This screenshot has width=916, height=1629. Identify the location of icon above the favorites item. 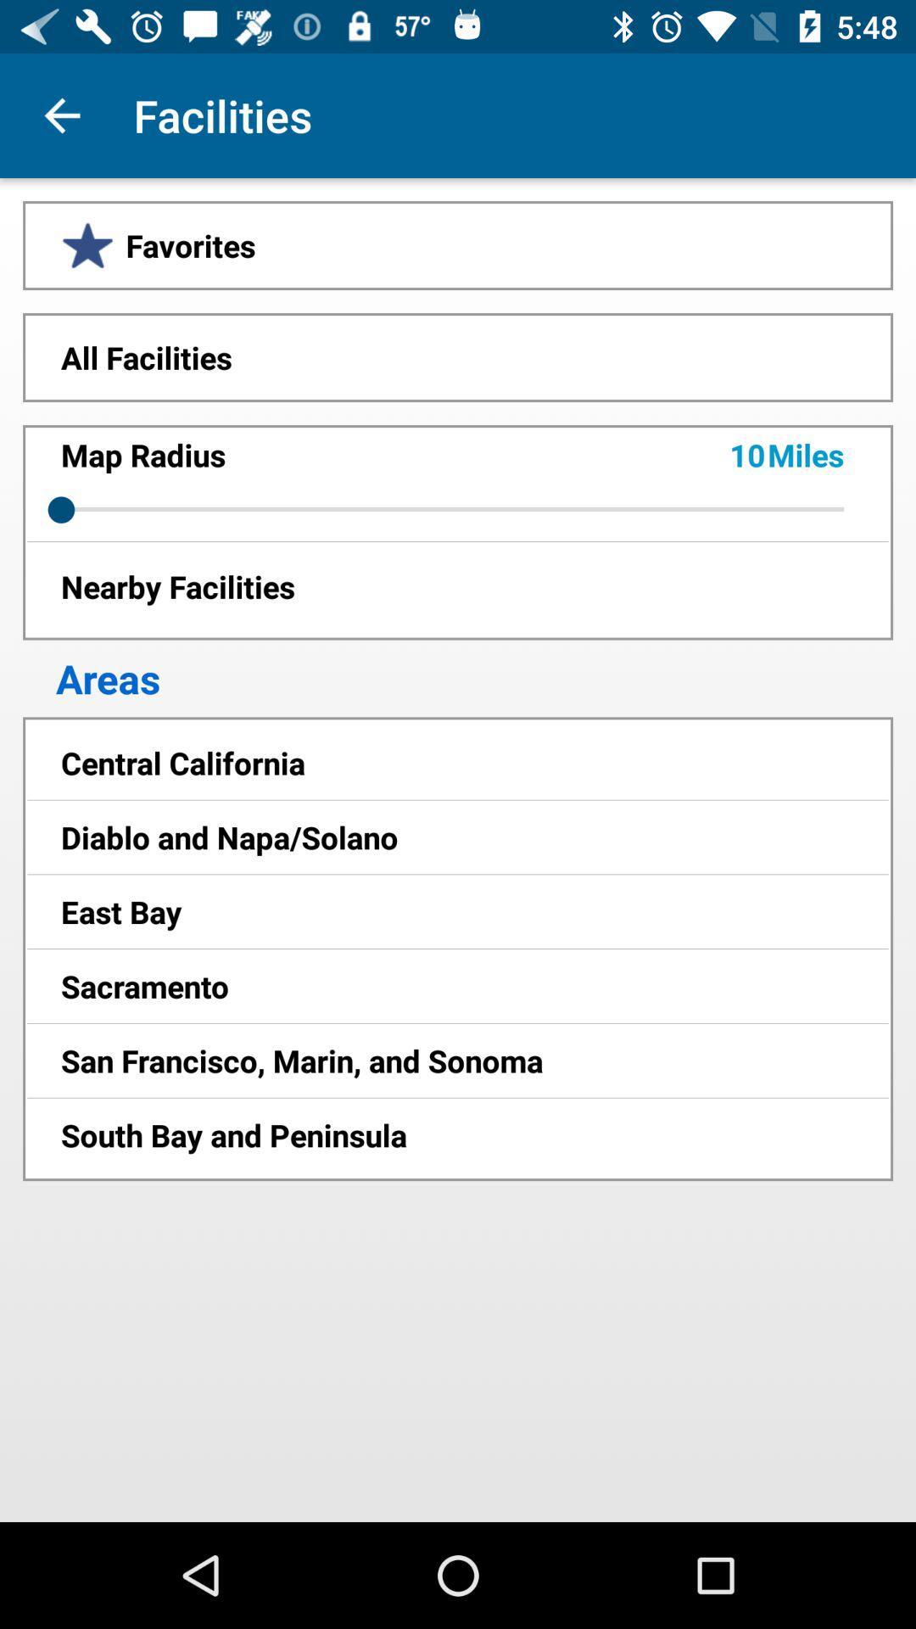
(61, 115).